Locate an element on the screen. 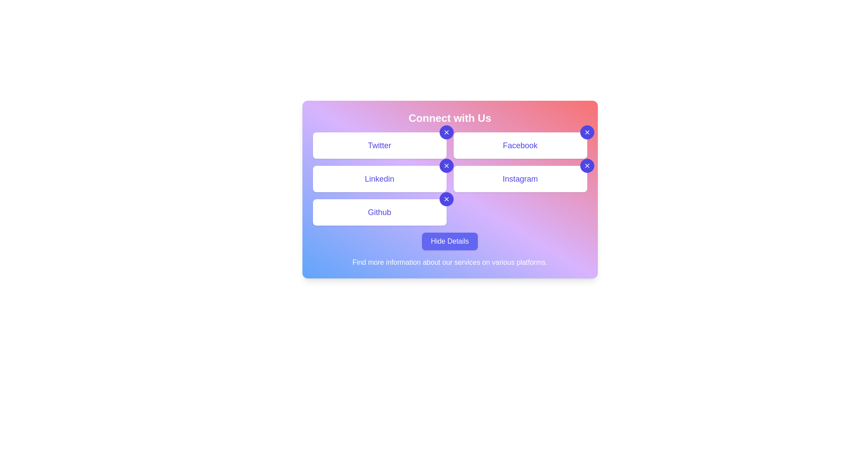 This screenshot has height=475, width=844. the non-interactive Text Label that identifies the Instagram card within the 'Connect with Us' section is located at coordinates (520, 179).